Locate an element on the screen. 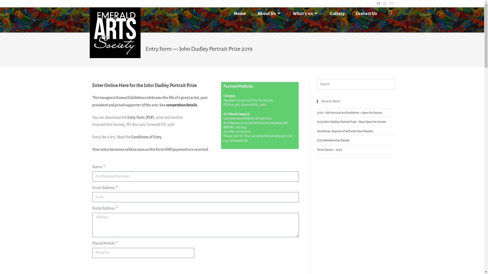 The image size is (488, 274). '2023 Membership Details' is located at coordinates (333, 140).